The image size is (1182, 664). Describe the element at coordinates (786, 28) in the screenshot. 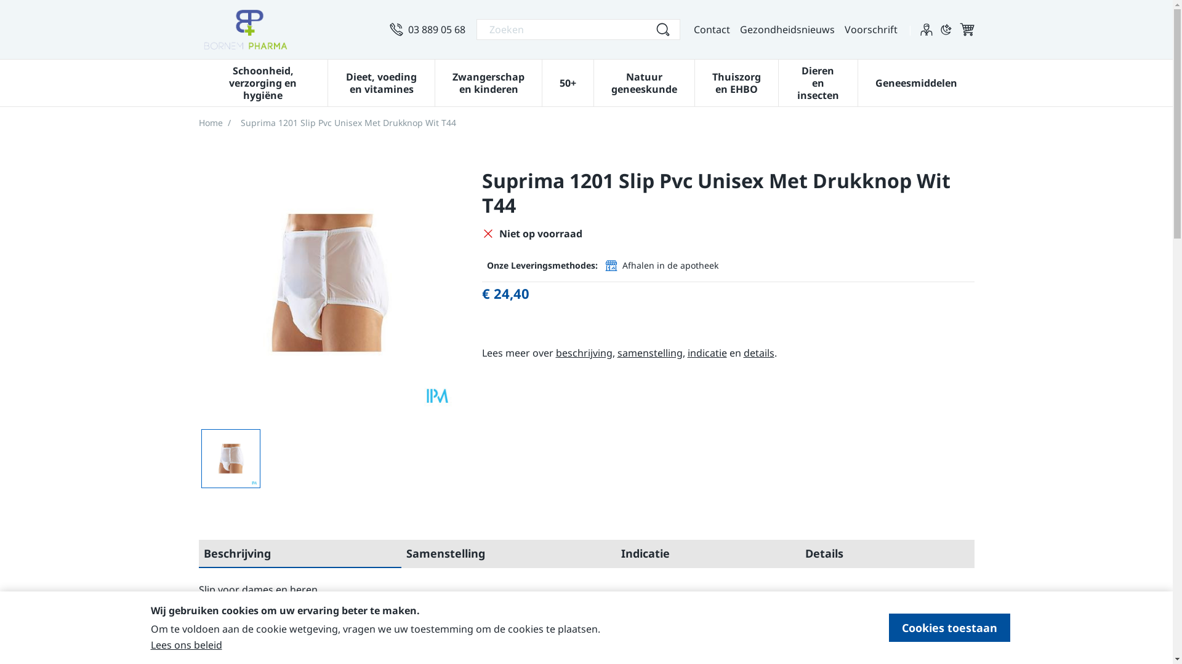

I see `'Gezondheidsnieuws'` at that location.